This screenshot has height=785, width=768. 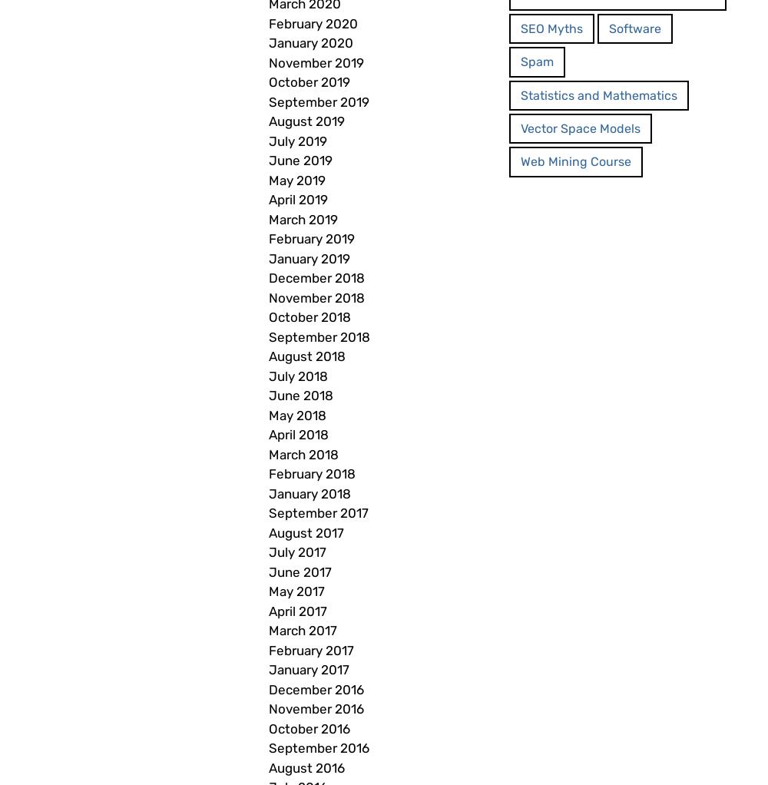 I want to click on 'September 2017', so click(x=319, y=512).